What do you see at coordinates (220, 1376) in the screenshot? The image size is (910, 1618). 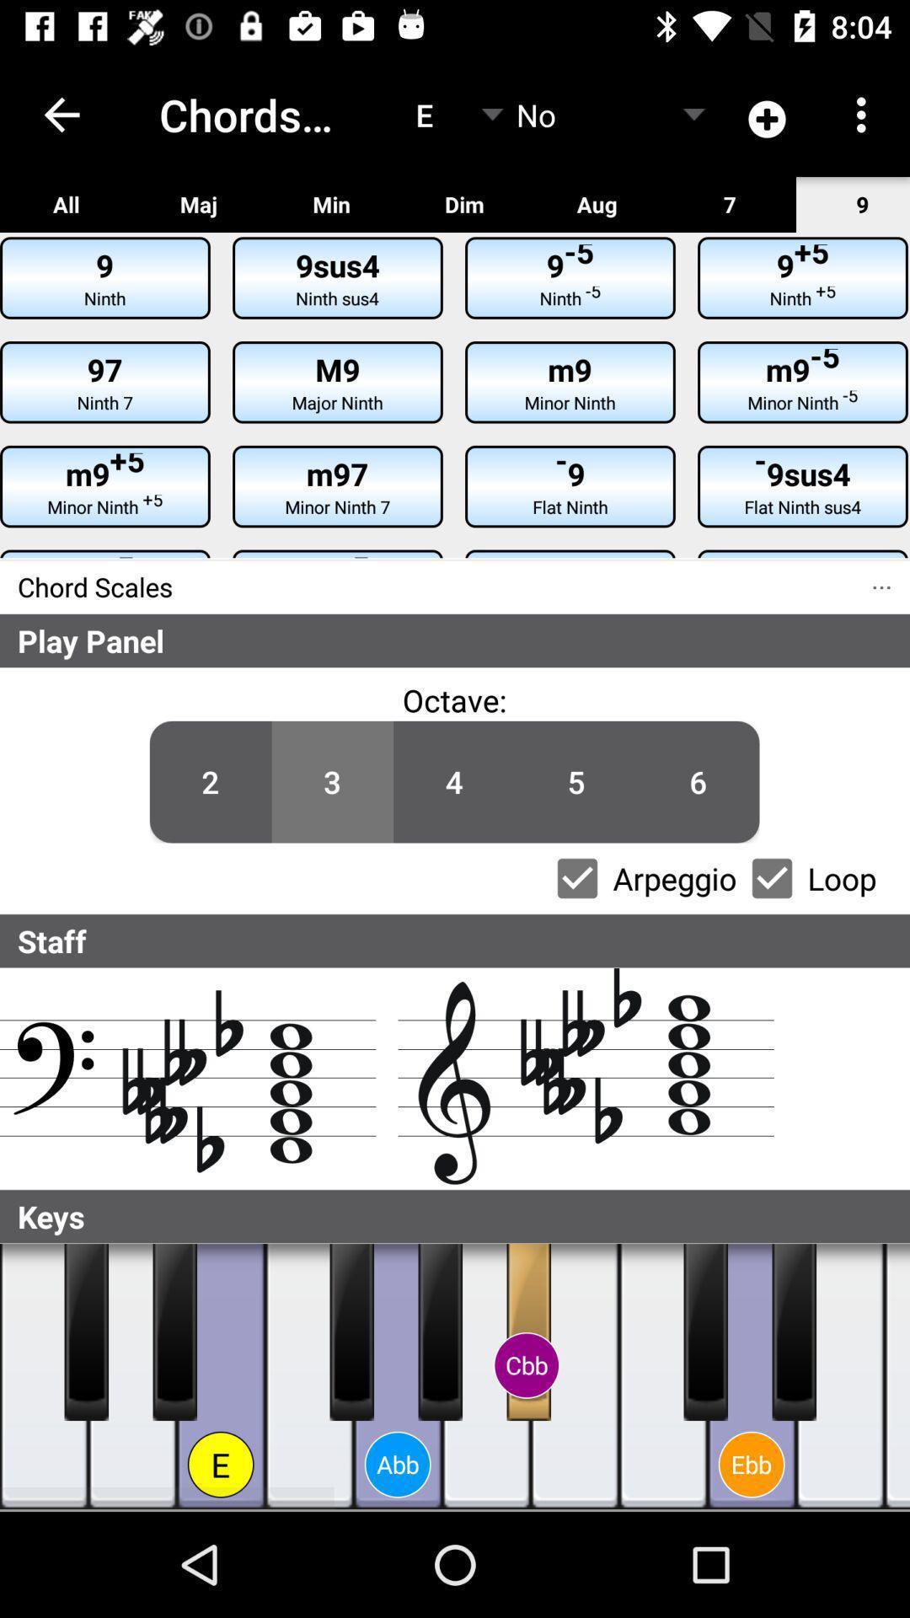 I see `e piano key` at bounding box center [220, 1376].